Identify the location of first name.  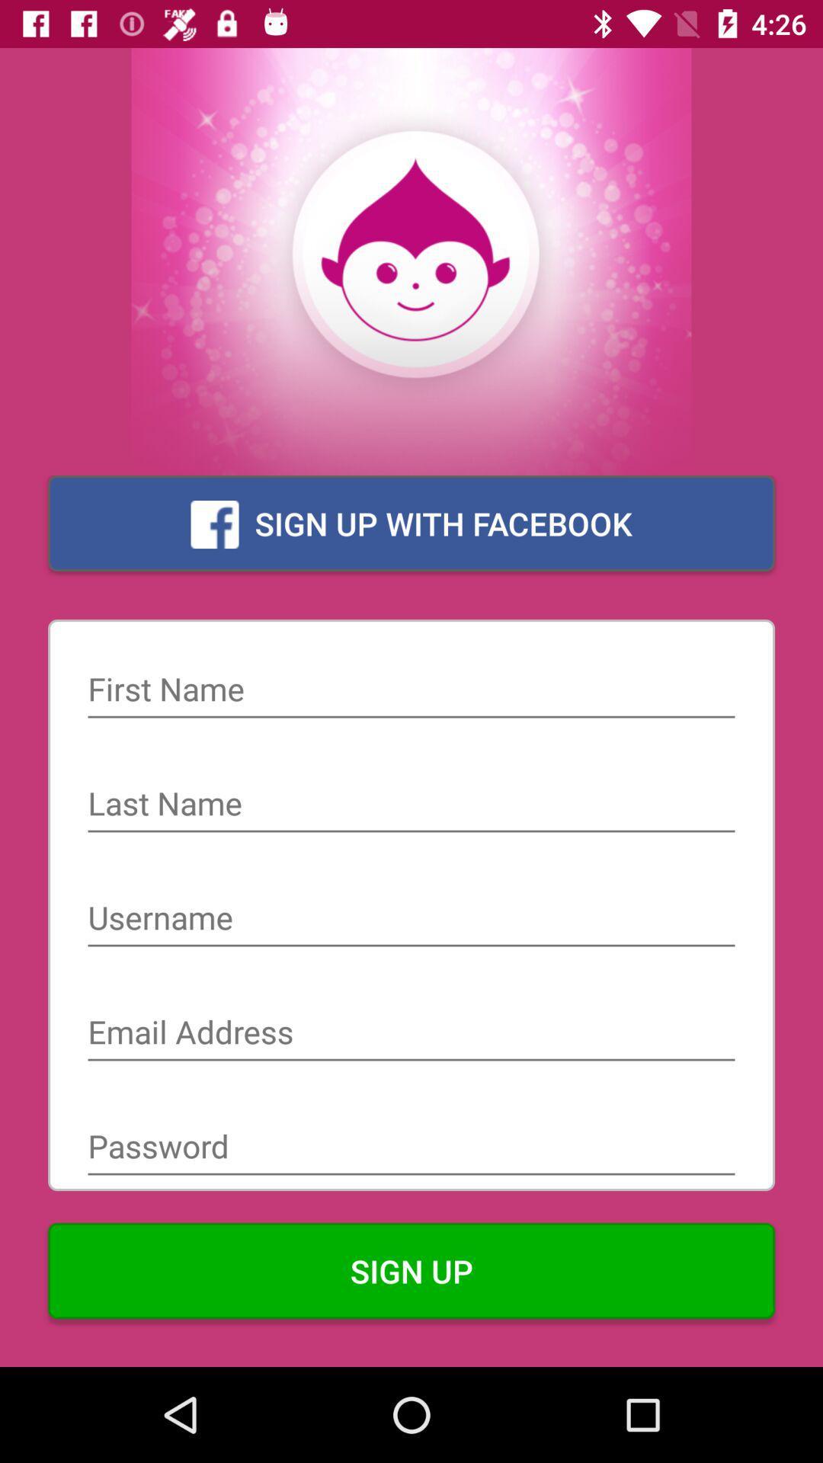
(411, 690).